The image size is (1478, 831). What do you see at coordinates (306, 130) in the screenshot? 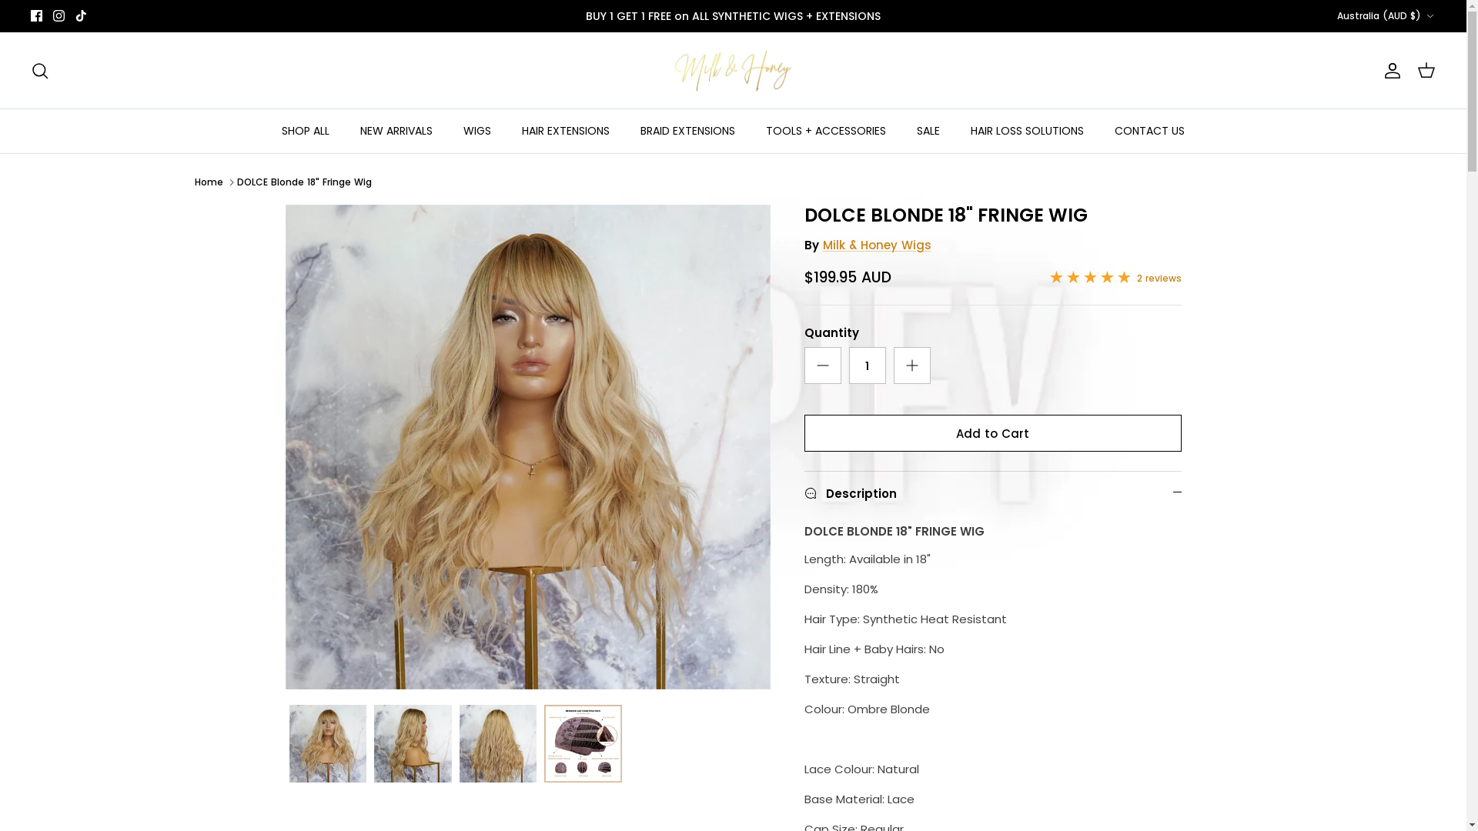
I see `'SHOP ALL'` at bounding box center [306, 130].